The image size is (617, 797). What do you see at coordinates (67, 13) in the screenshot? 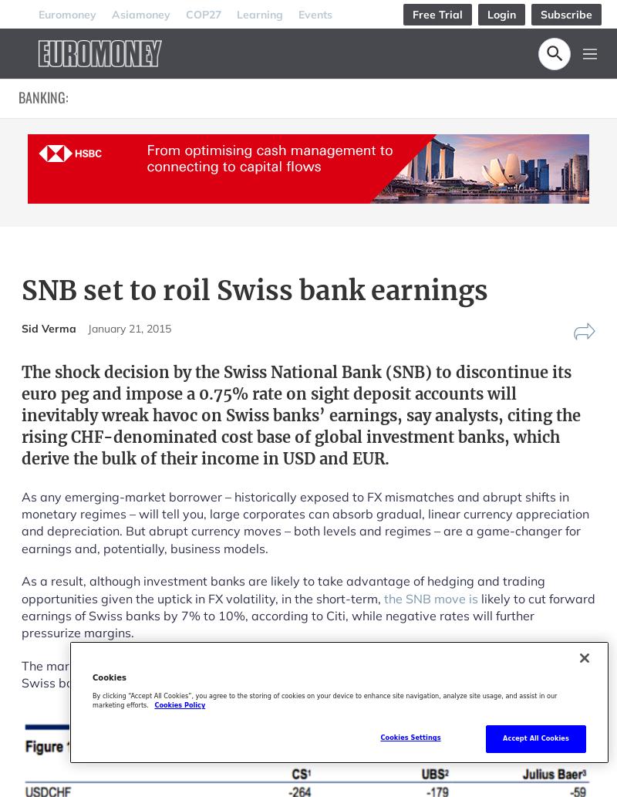
I see `'Euromoney'` at bounding box center [67, 13].